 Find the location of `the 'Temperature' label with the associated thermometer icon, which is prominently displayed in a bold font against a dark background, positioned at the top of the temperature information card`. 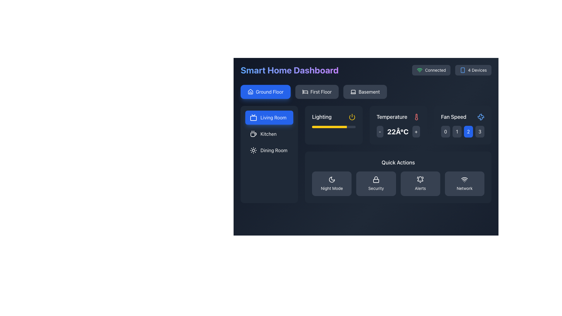

the 'Temperature' label with the associated thermometer icon, which is prominently displayed in a bold font against a dark background, positioned at the top of the temperature information card is located at coordinates (398, 117).